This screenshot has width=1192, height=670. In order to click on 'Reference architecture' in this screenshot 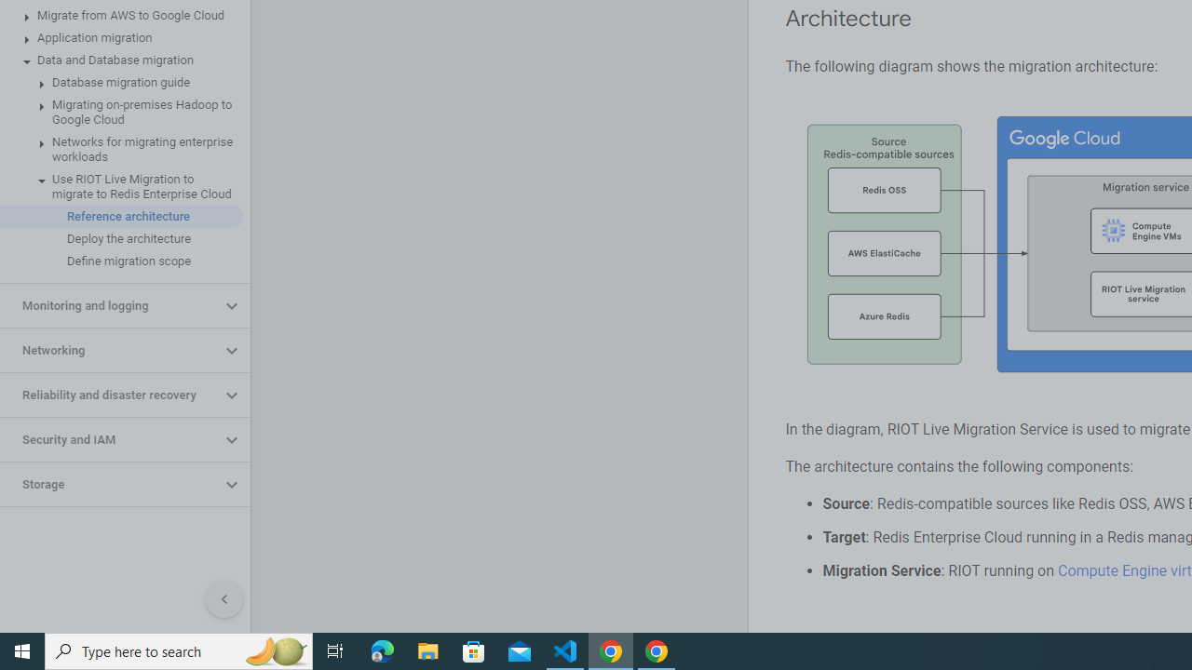, I will do `click(120, 215)`.